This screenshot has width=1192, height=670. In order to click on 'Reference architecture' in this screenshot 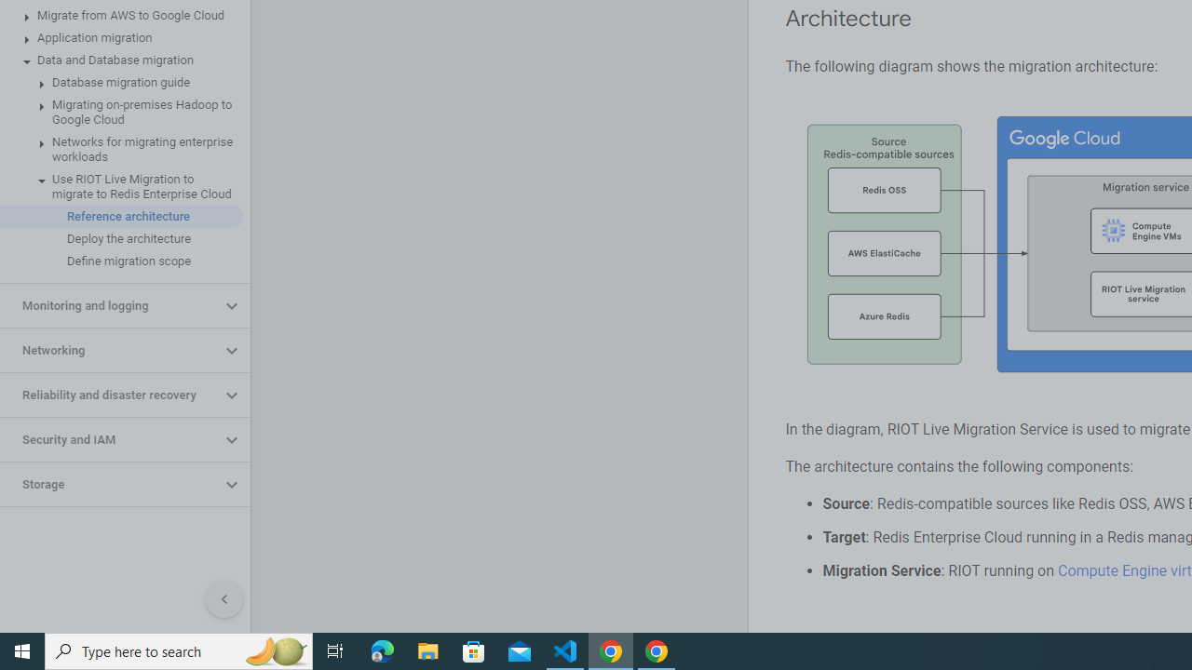, I will do `click(120, 215)`.